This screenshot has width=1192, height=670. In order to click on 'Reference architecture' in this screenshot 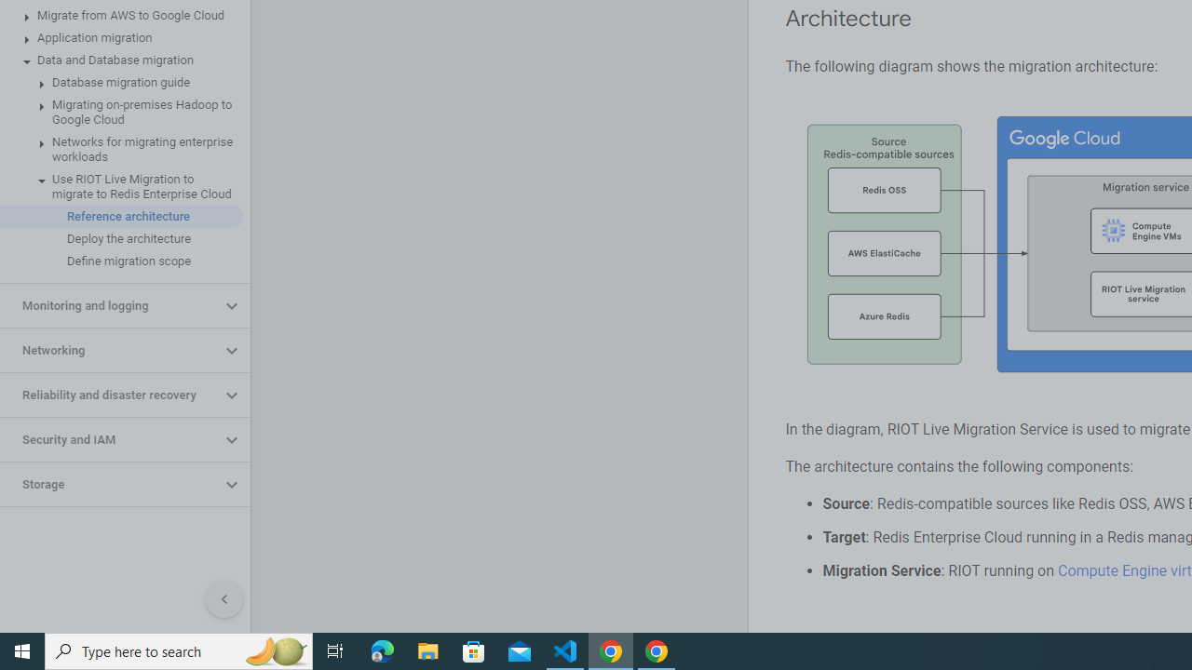, I will do `click(120, 215)`.